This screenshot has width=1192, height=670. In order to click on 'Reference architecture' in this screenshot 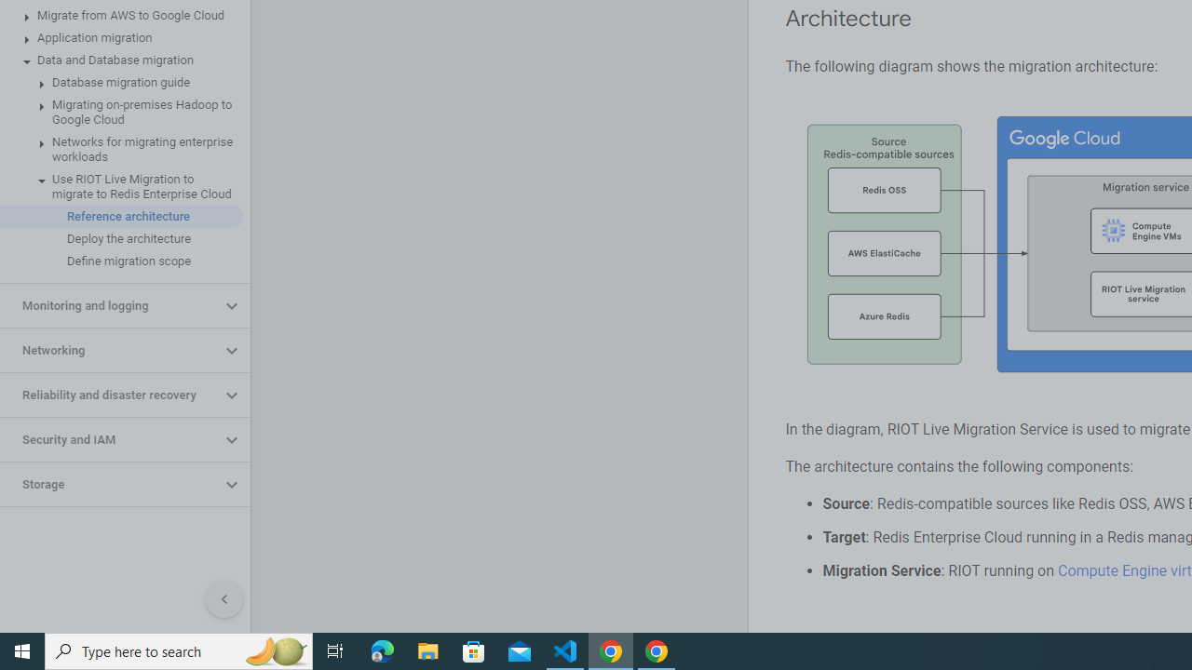, I will do `click(120, 215)`.